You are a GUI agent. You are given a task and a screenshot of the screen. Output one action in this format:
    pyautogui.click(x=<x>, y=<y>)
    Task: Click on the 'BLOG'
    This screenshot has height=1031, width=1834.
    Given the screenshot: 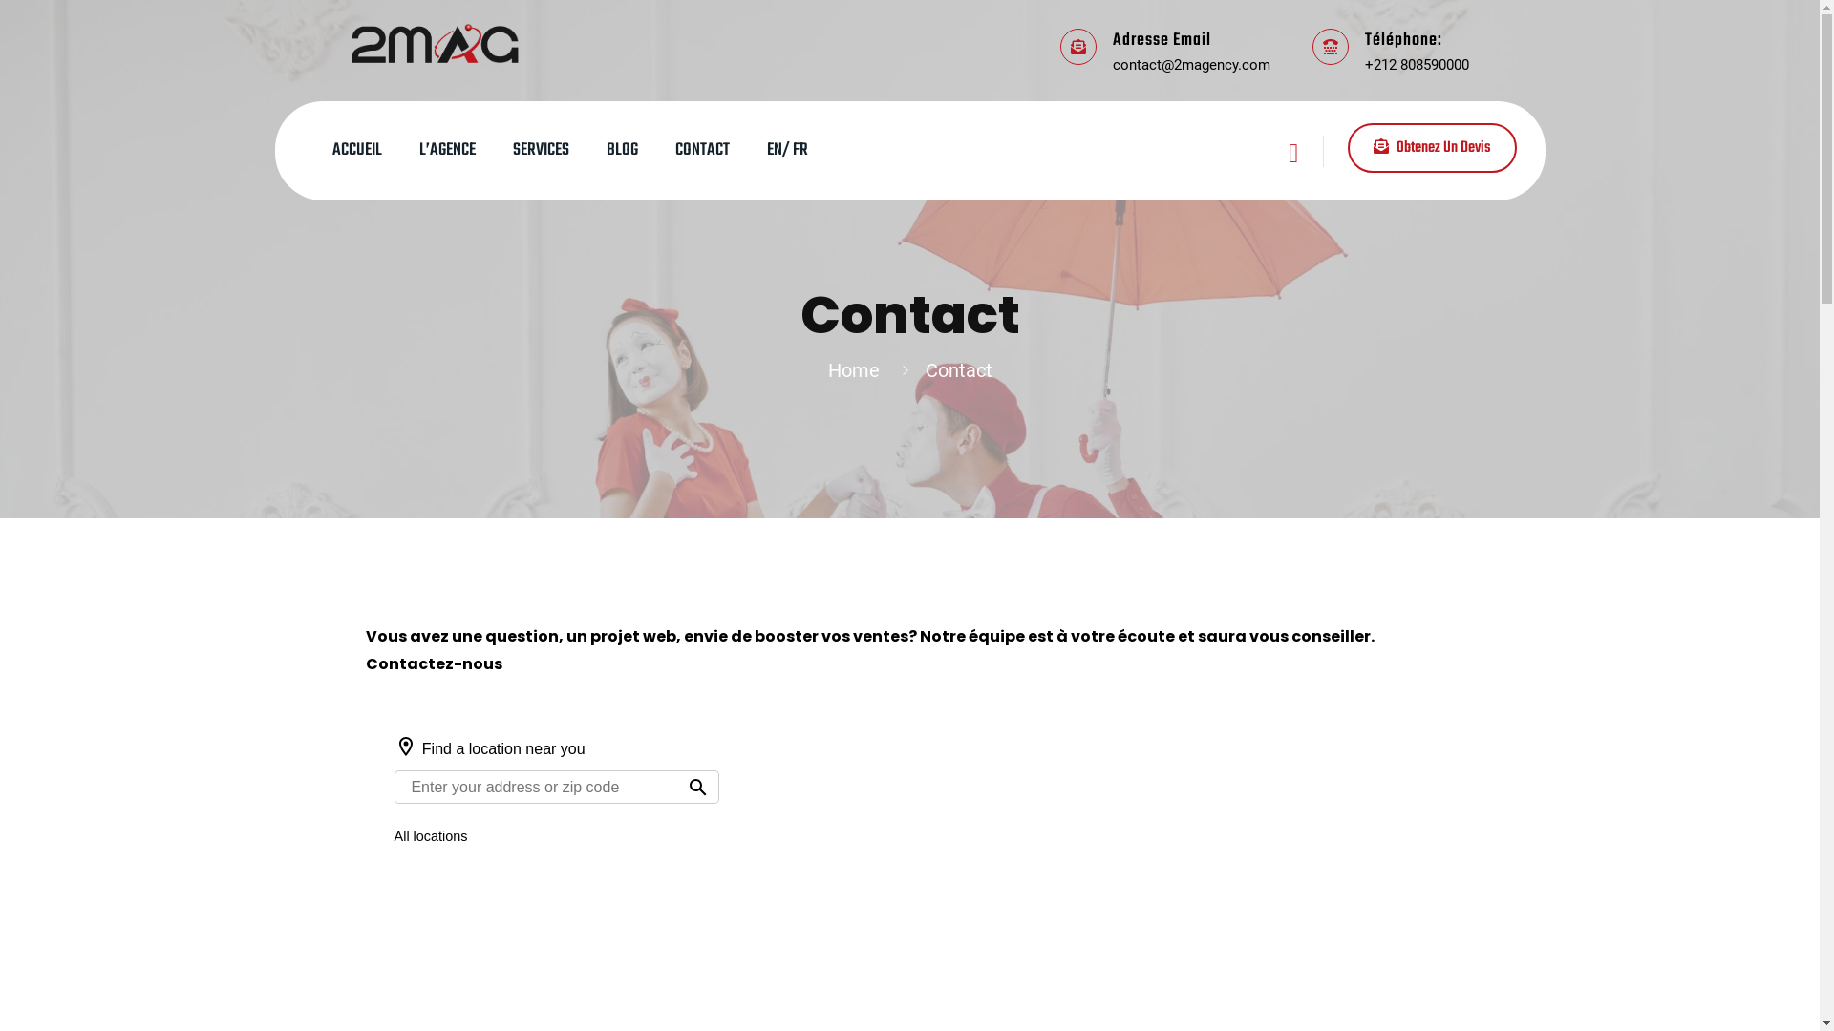 What is the action you would take?
    pyautogui.click(x=621, y=150)
    